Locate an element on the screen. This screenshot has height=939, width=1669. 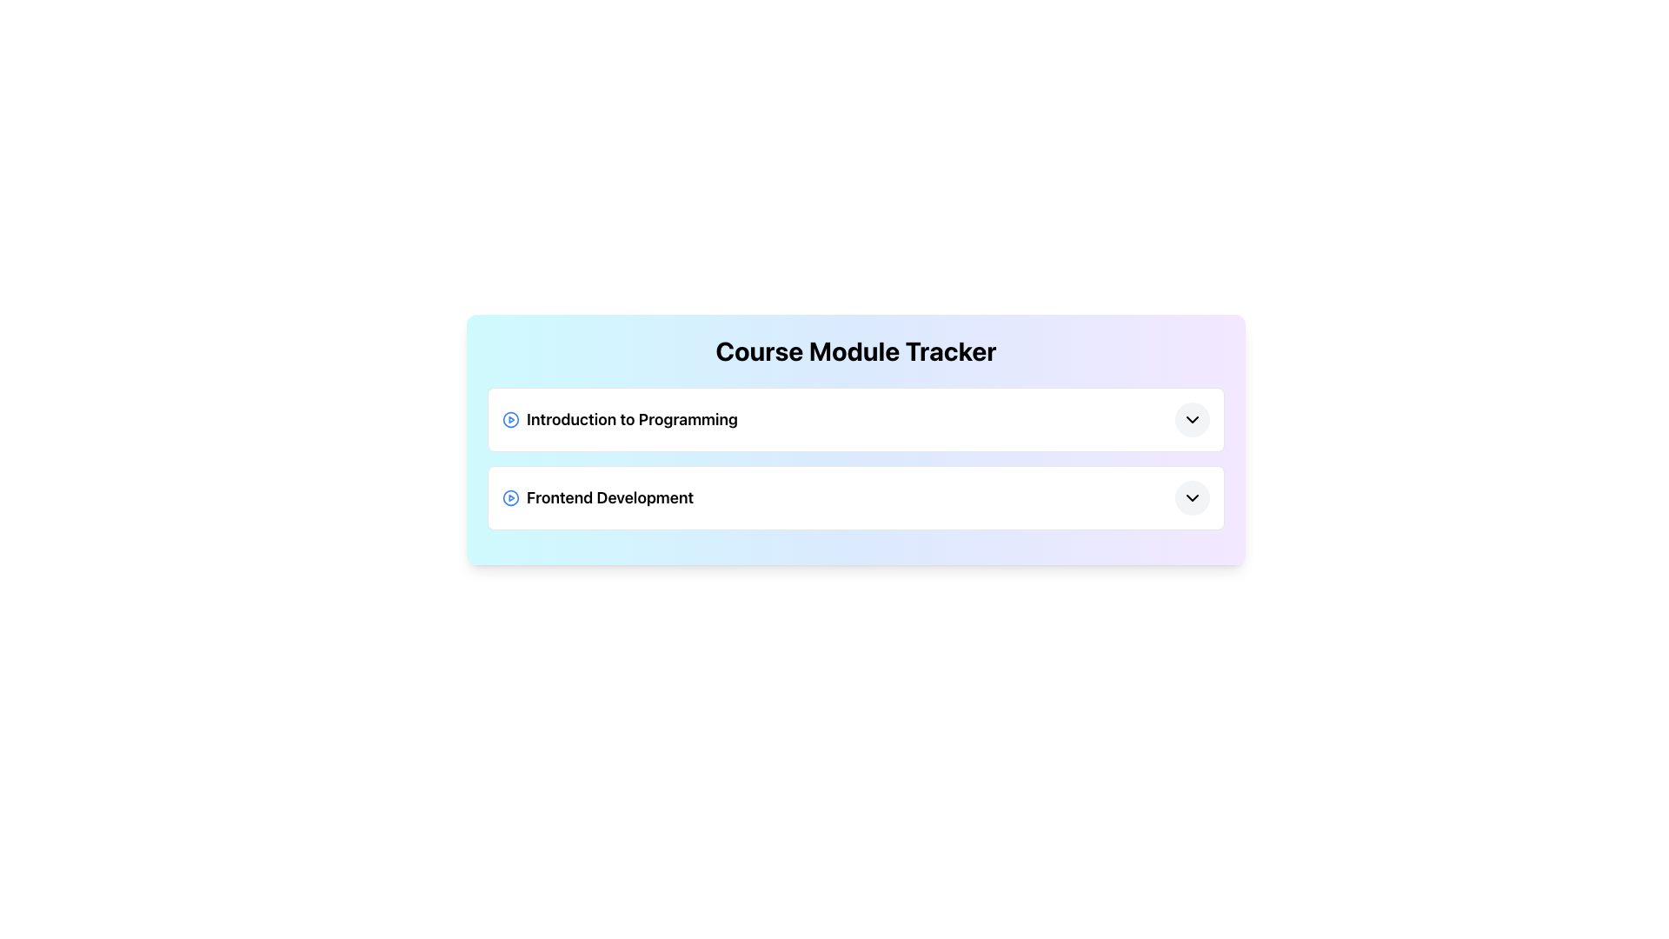
the chevron SVG icon located in the second row of the course module tracker next to the 'Frontend Development' label is located at coordinates (1192, 498).